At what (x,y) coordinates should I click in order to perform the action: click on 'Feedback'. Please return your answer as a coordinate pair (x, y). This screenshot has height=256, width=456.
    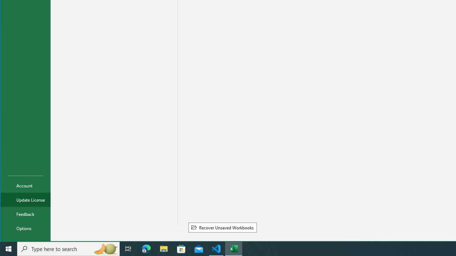
    Looking at the image, I should click on (26, 213).